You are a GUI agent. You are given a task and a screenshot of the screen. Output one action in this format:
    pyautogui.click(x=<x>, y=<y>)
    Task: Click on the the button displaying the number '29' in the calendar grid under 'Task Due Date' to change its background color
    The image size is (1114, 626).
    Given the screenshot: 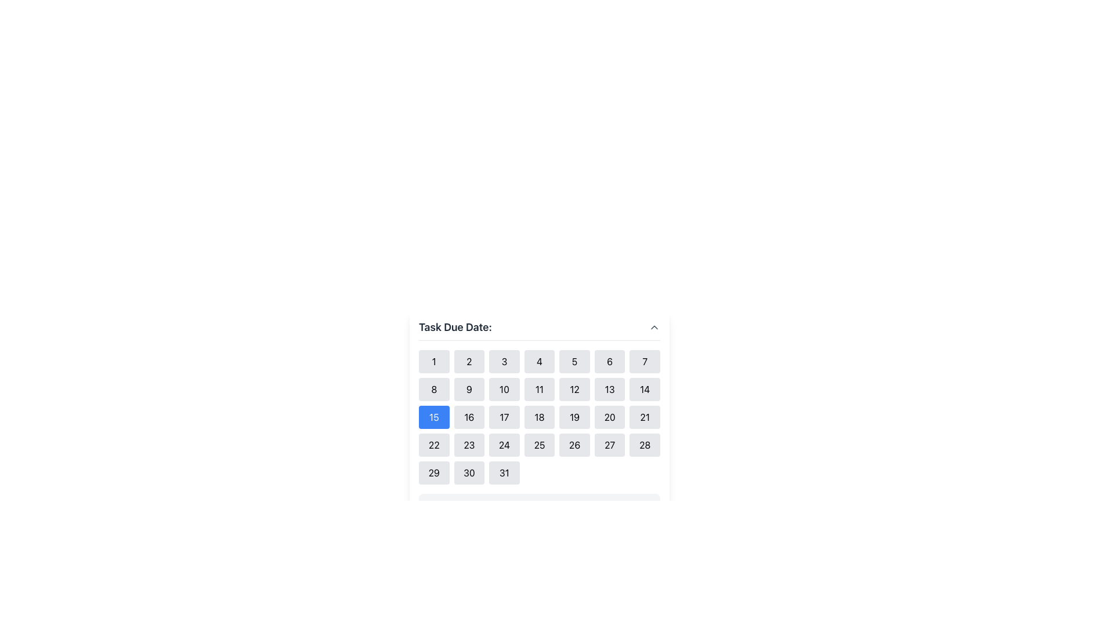 What is the action you would take?
    pyautogui.click(x=433, y=473)
    